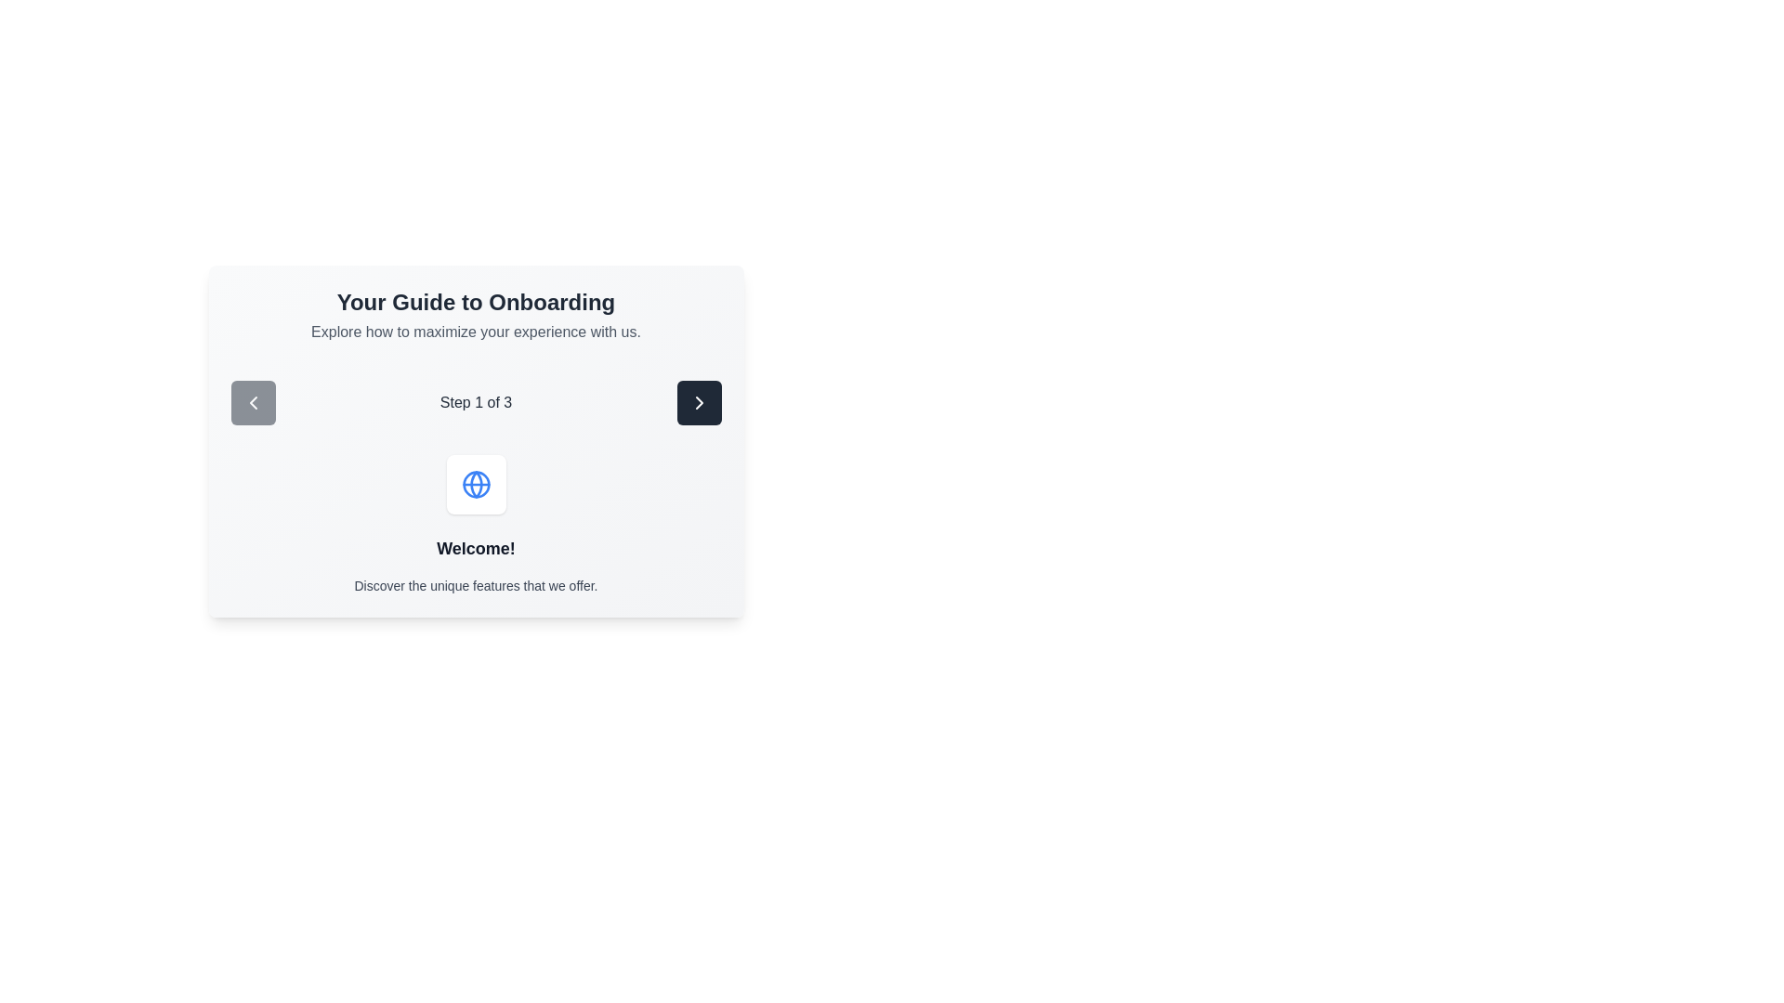 This screenshot has width=1784, height=1003. What do you see at coordinates (698, 402) in the screenshot?
I see `the right-pointing arrow button with a dark gray background located in the bottom-right corner` at bounding box center [698, 402].